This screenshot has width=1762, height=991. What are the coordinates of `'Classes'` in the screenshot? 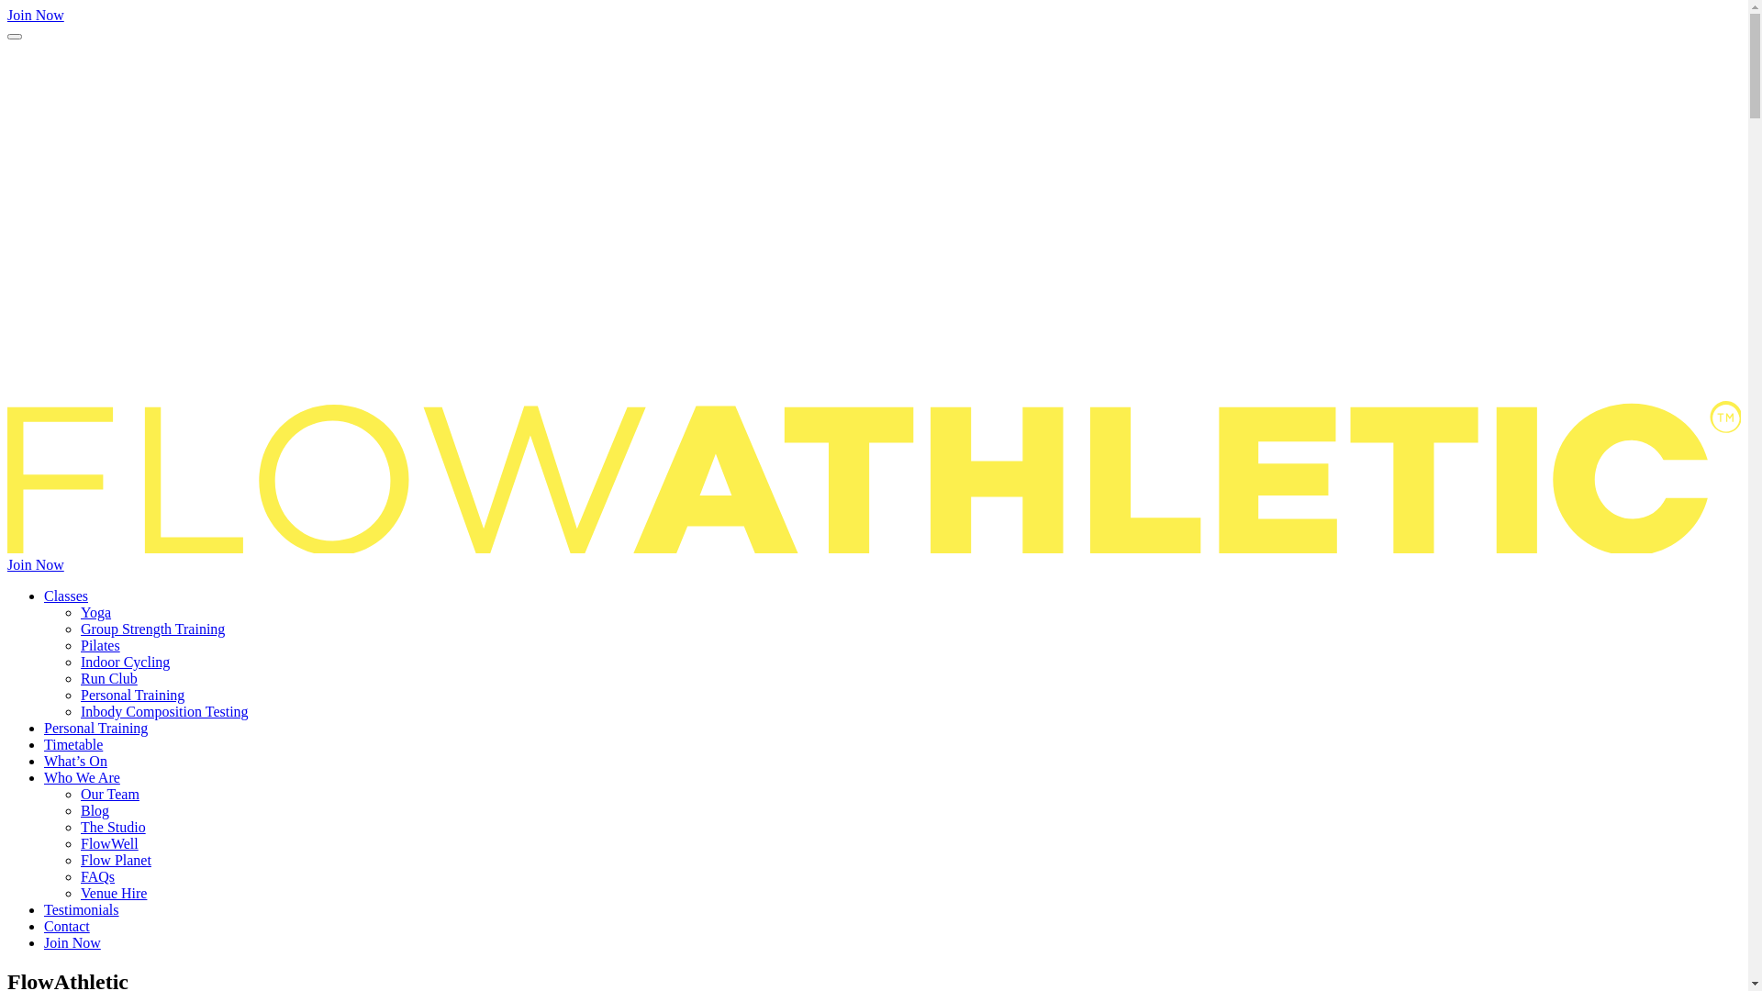 It's located at (66, 596).